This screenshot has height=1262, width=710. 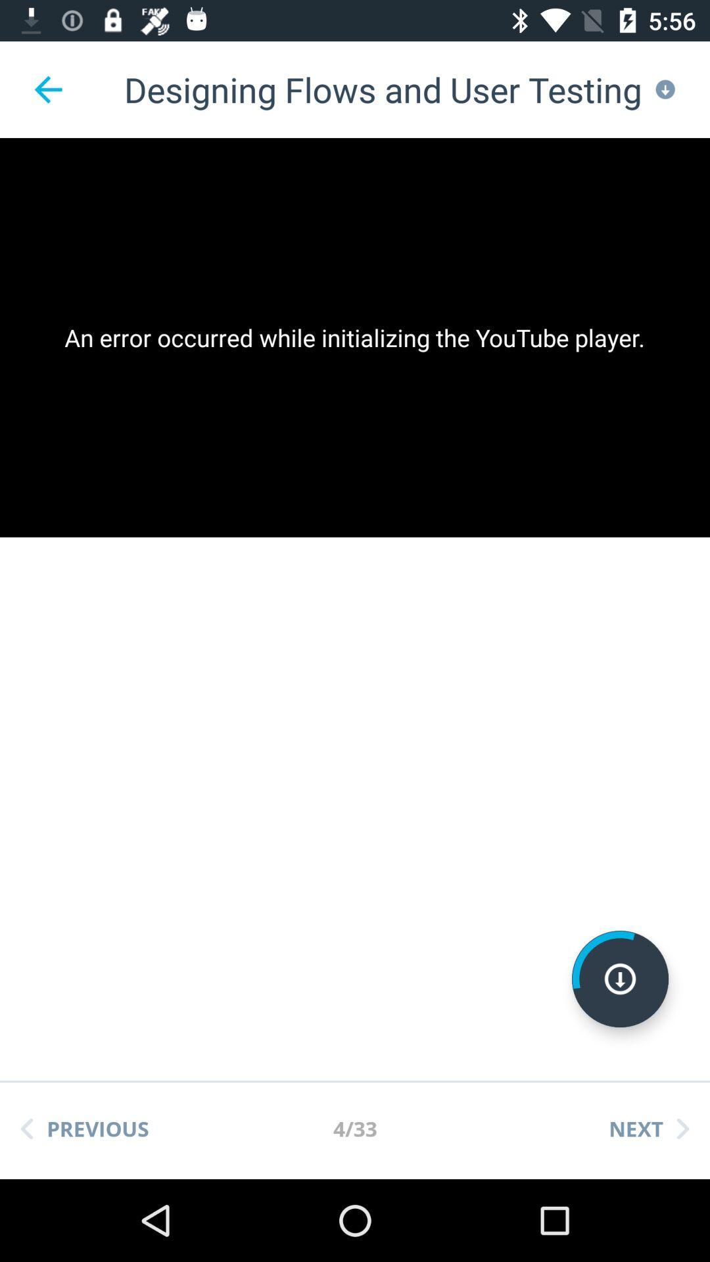 What do you see at coordinates (648, 1128) in the screenshot?
I see `next icon` at bounding box center [648, 1128].